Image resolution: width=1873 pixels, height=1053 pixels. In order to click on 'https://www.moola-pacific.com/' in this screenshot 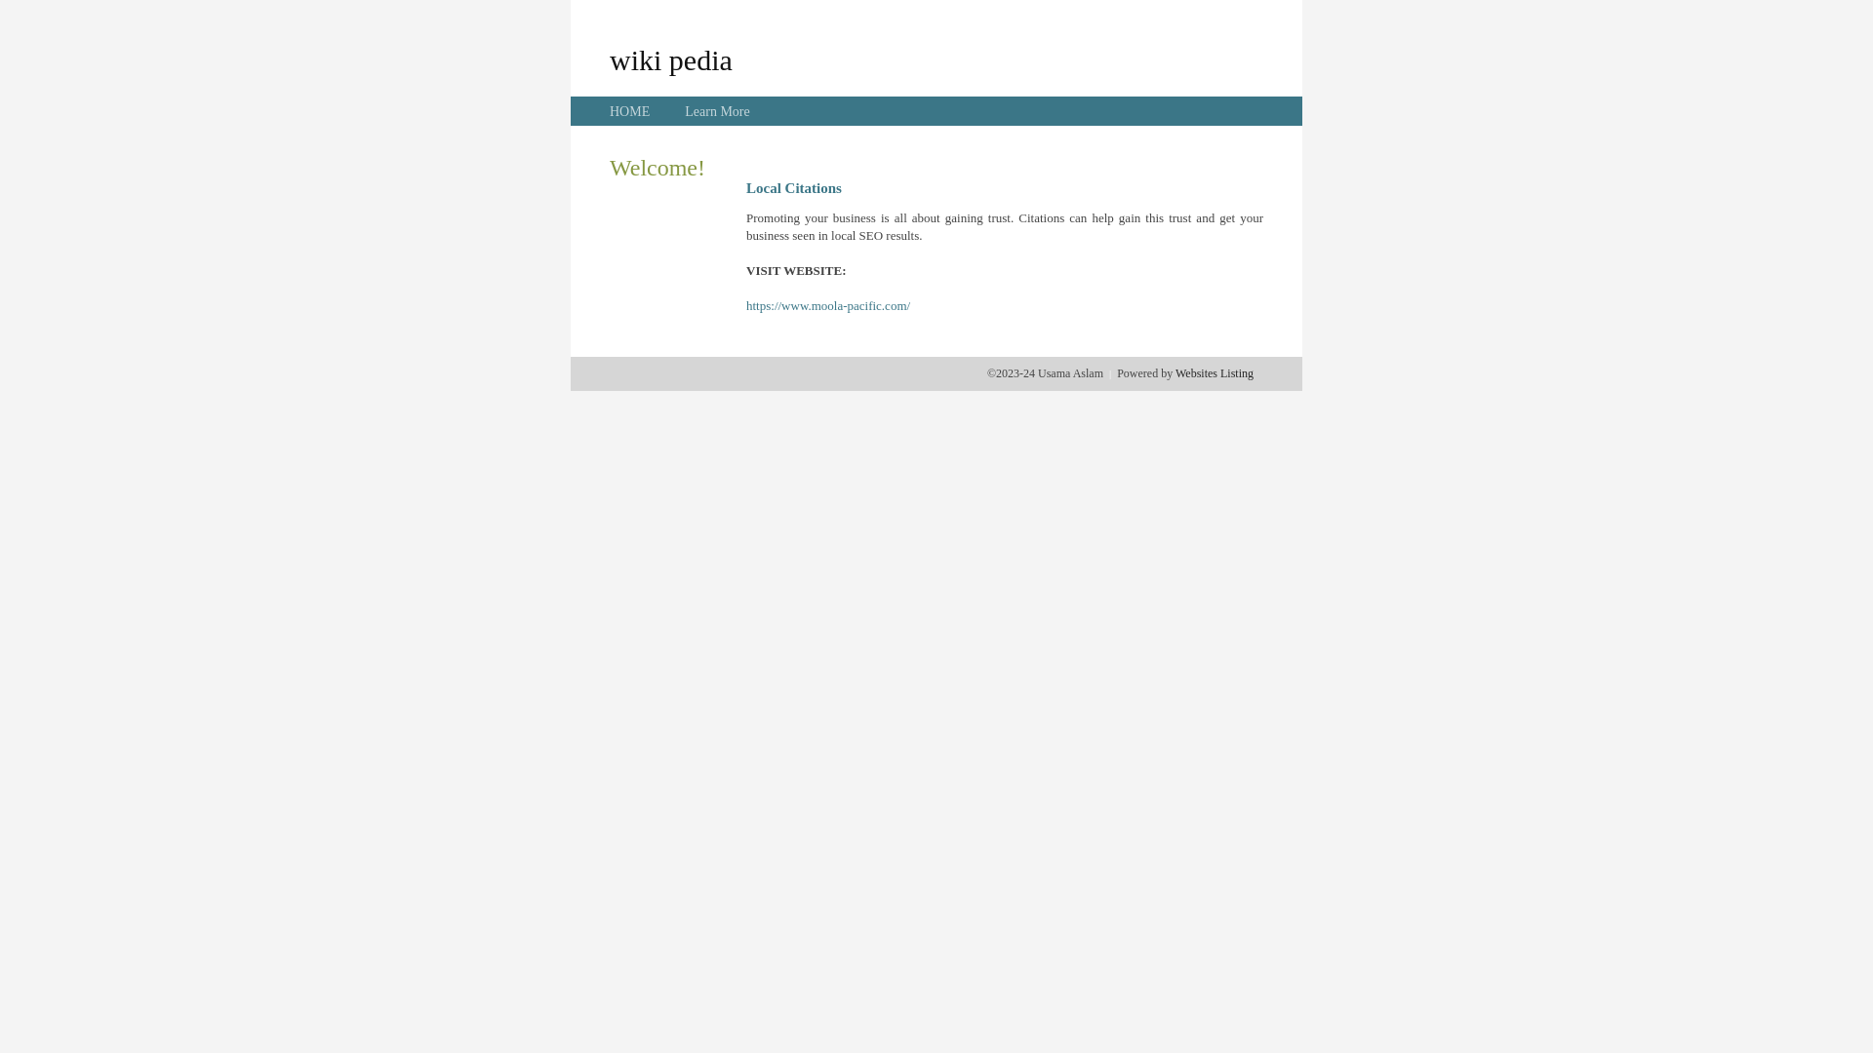, I will do `click(828, 305)`.